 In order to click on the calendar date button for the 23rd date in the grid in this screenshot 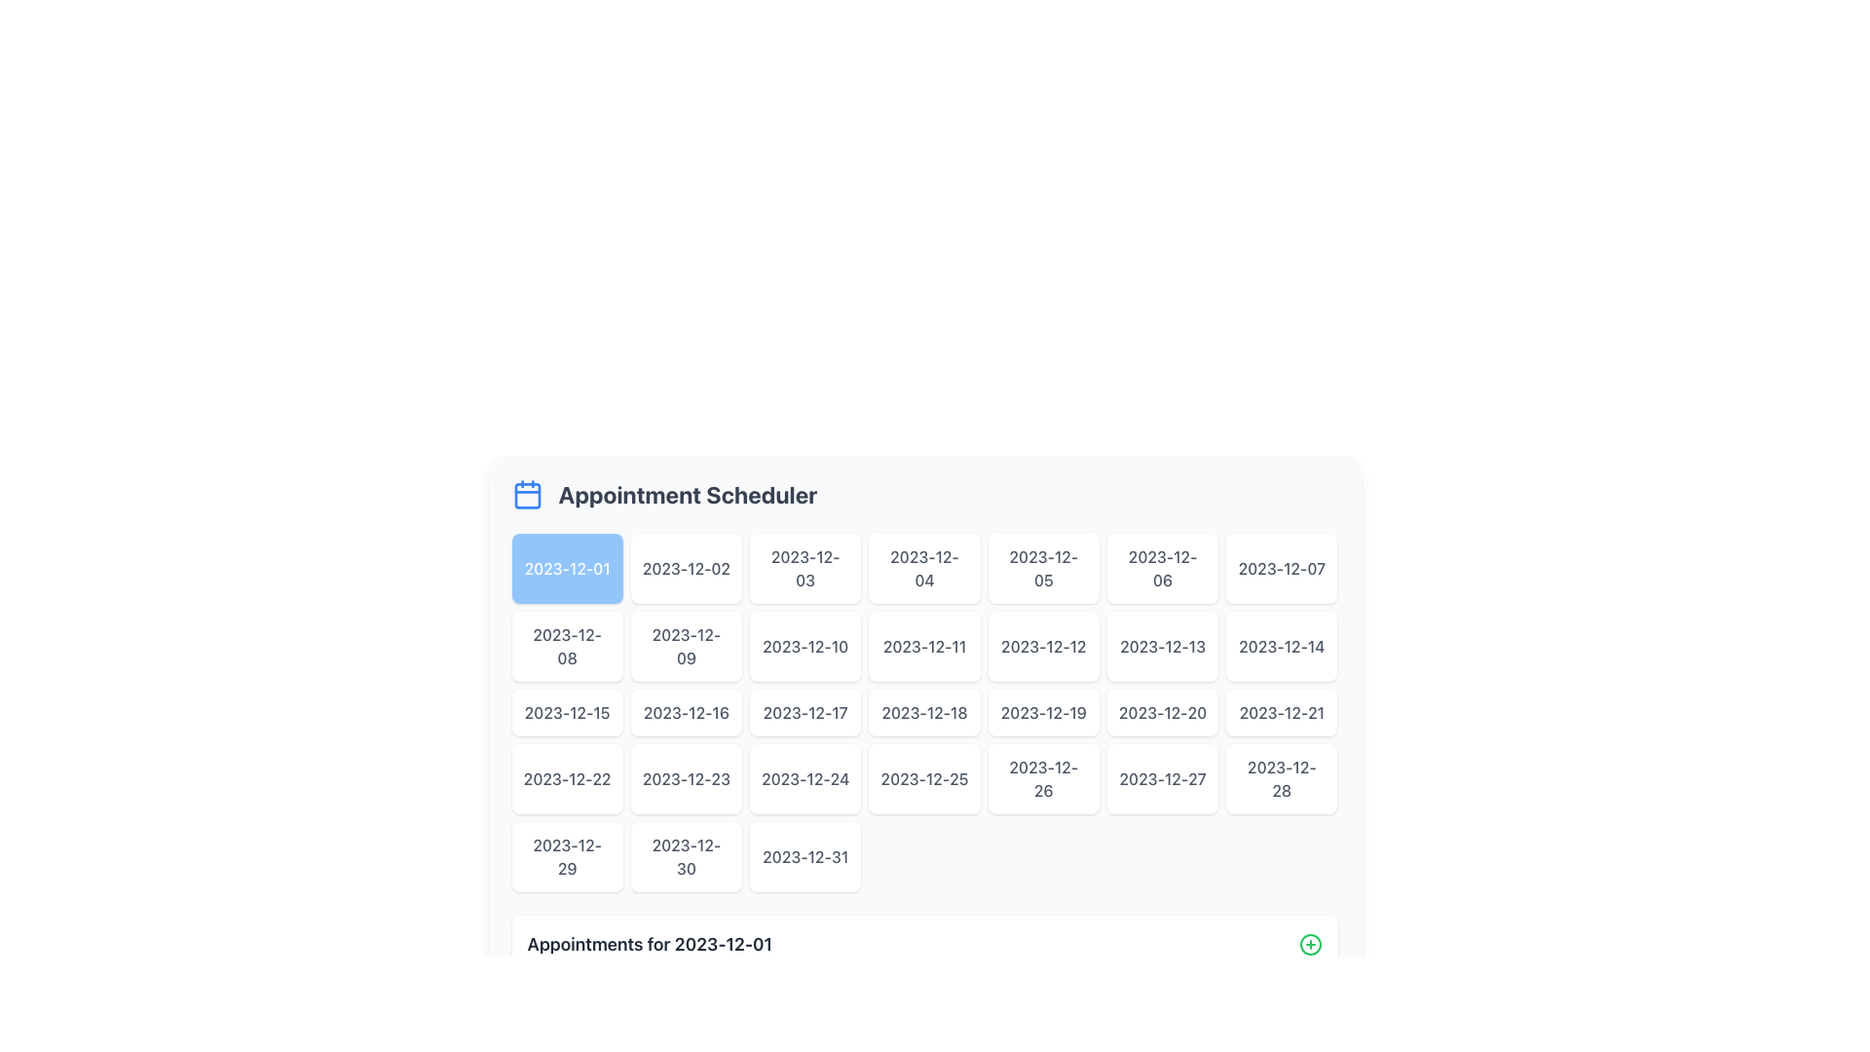, I will do `click(686, 777)`.